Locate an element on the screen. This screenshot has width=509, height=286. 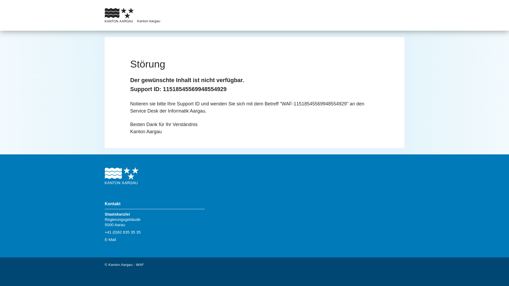
'E-Mail' is located at coordinates (110, 239).